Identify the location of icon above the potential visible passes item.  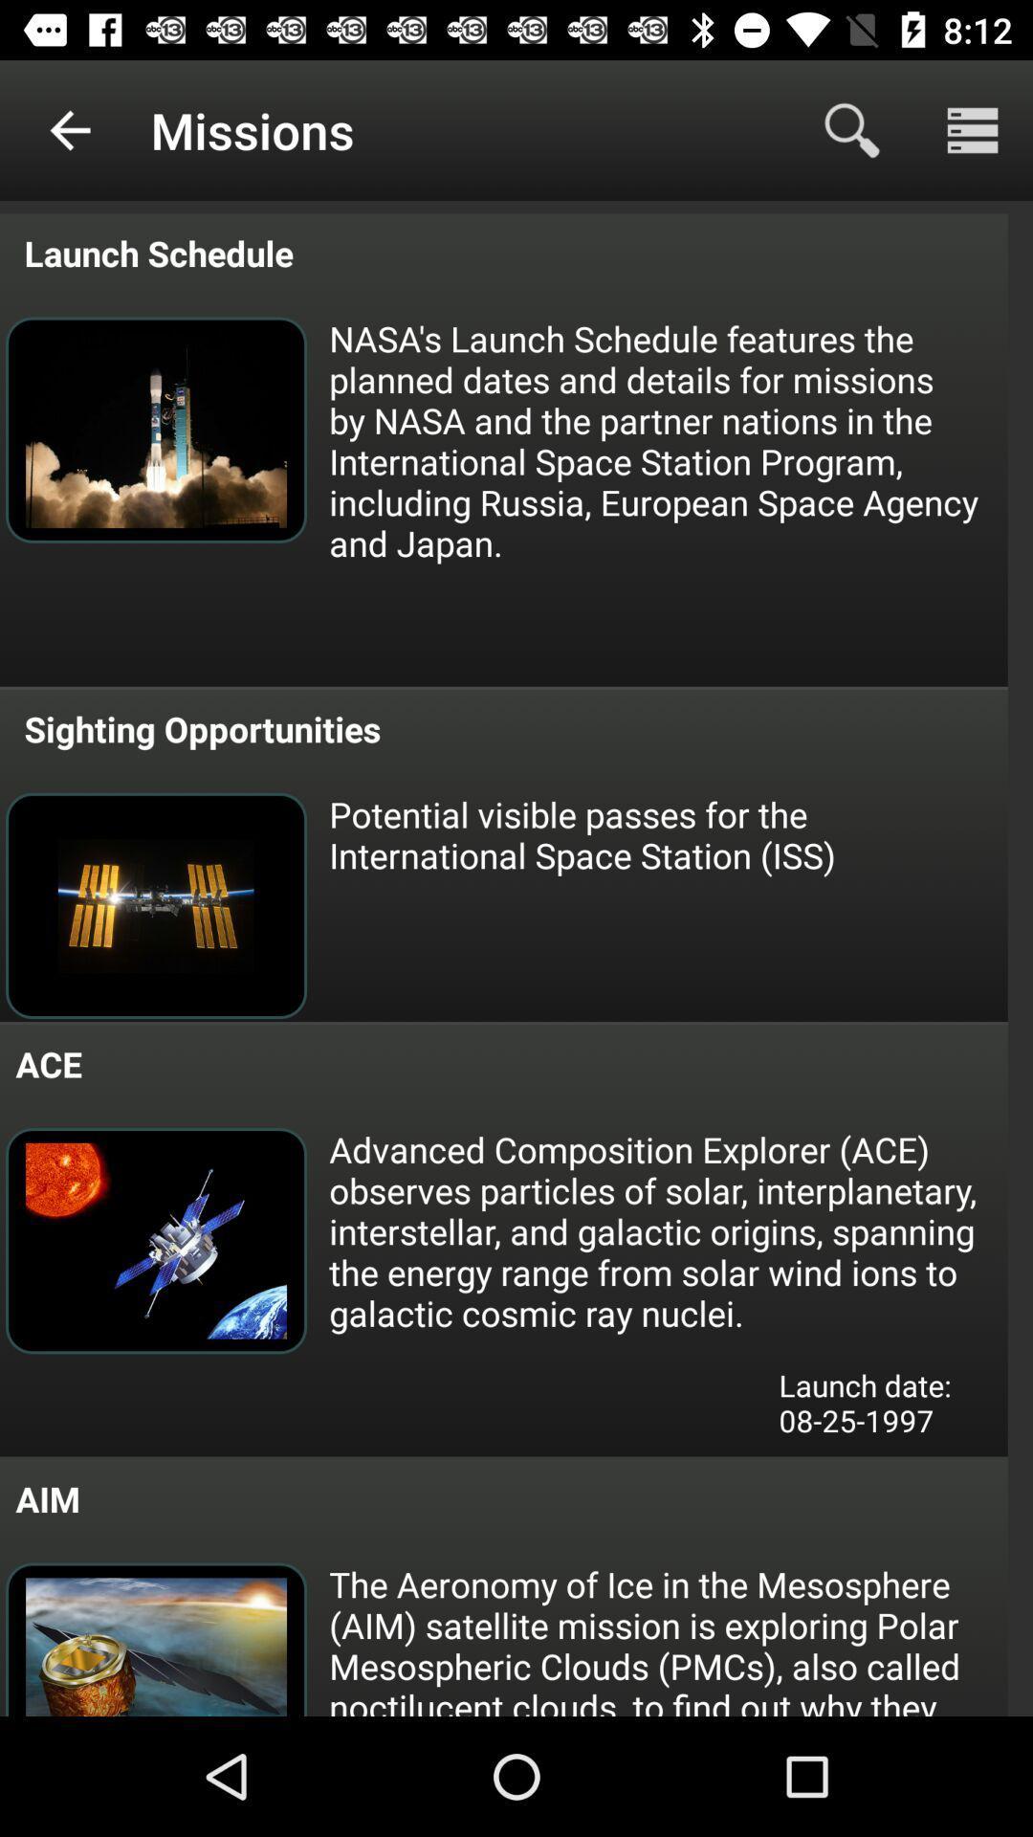
(198, 728).